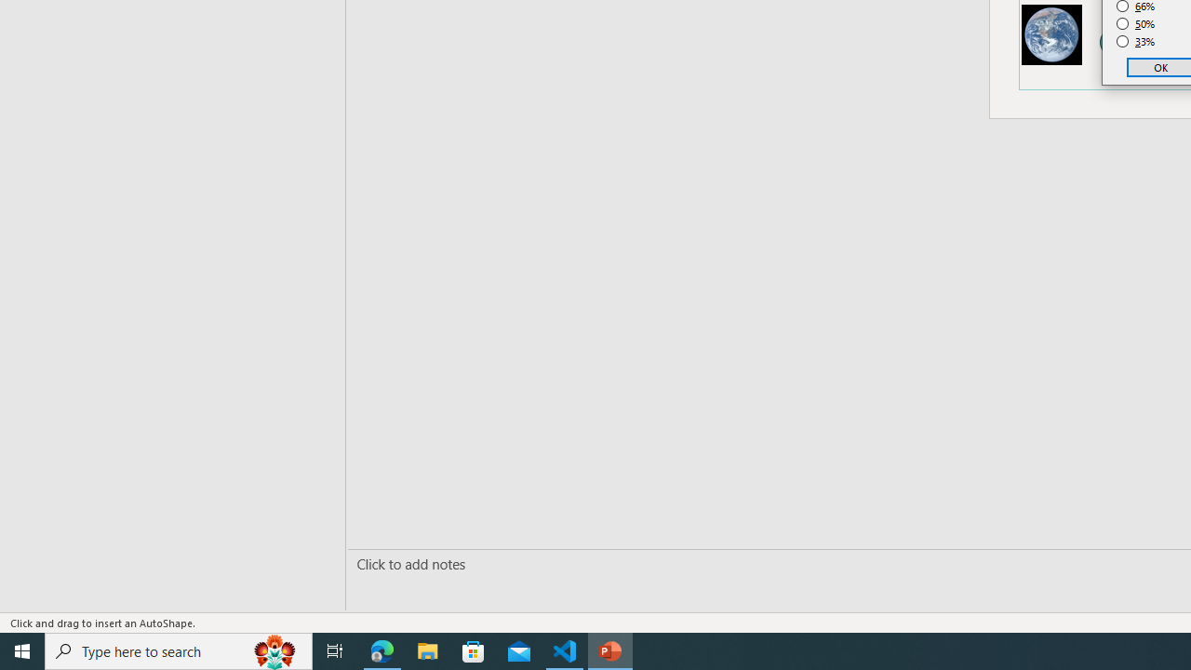 This screenshot has width=1191, height=670. What do you see at coordinates (1135, 23) in the screenshot?
I see `'50%'` at bounding box center [1135, 23].